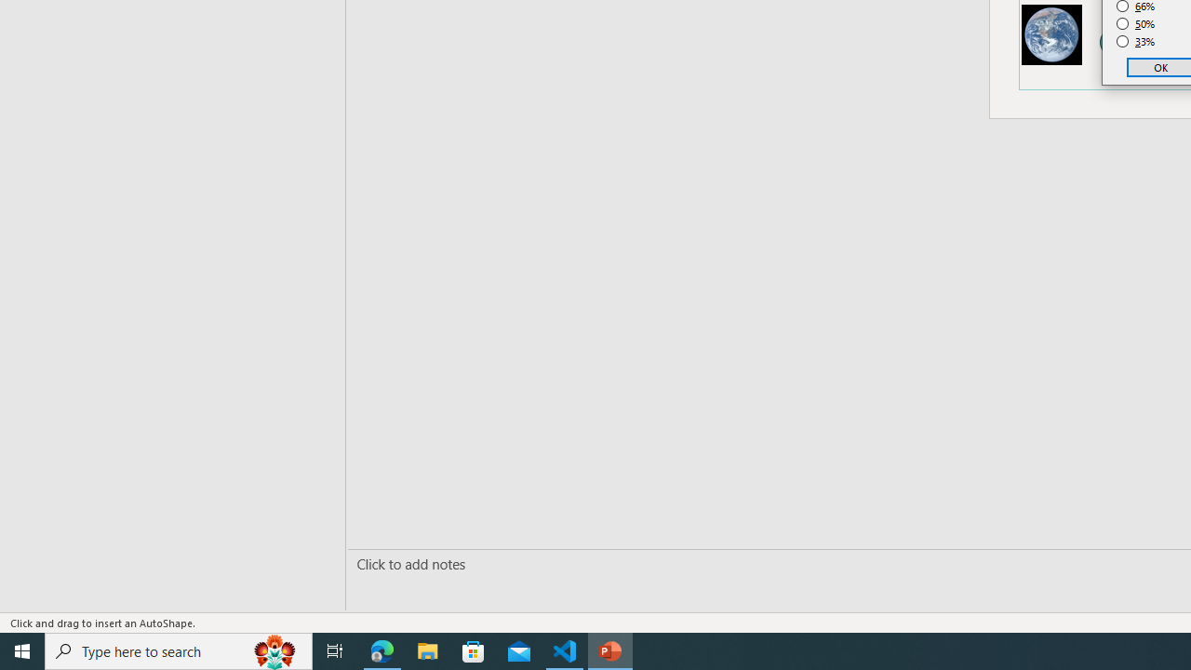 This screenshot has width=1191, height=670. What do you see at coordinates (1135, 23) in the screenshot?
I see `'50%'` at bounding box center [1135, 23].